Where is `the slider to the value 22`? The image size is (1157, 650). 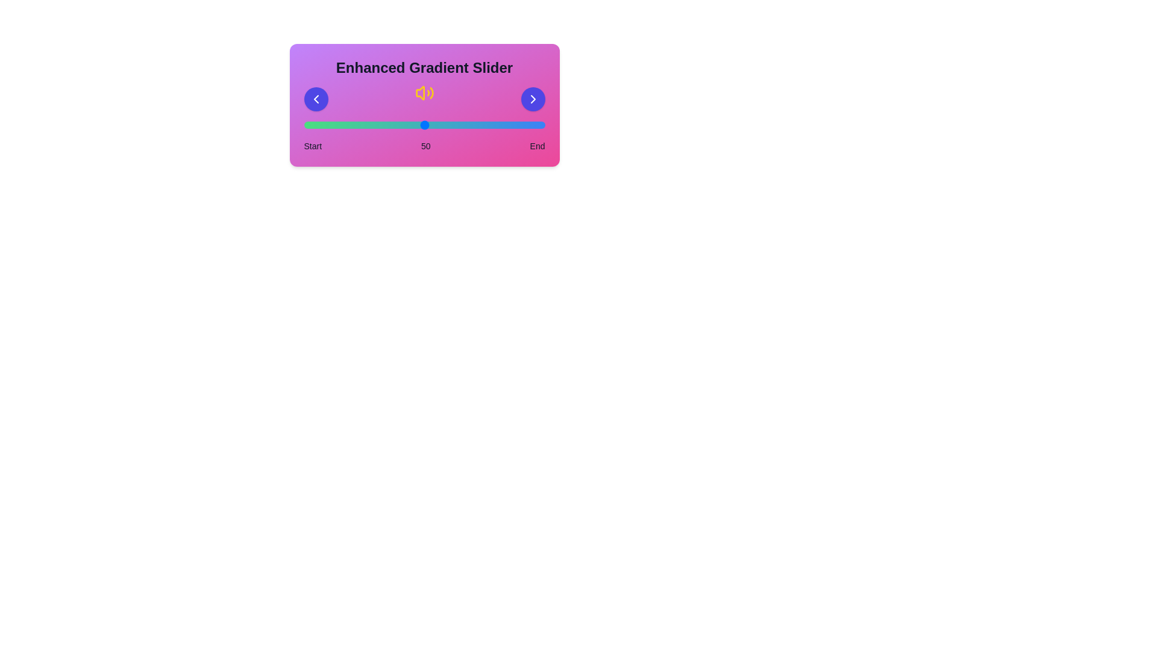
the slider to the value 22 is located at coordinates (356, 125).